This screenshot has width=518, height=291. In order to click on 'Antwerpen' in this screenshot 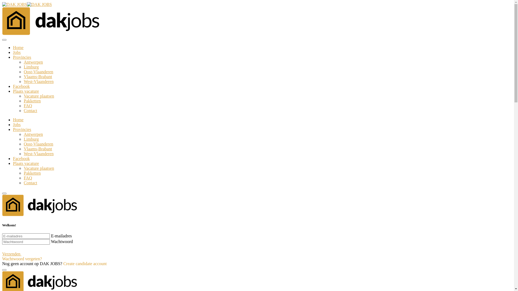, I will do `click(33, 134)`.